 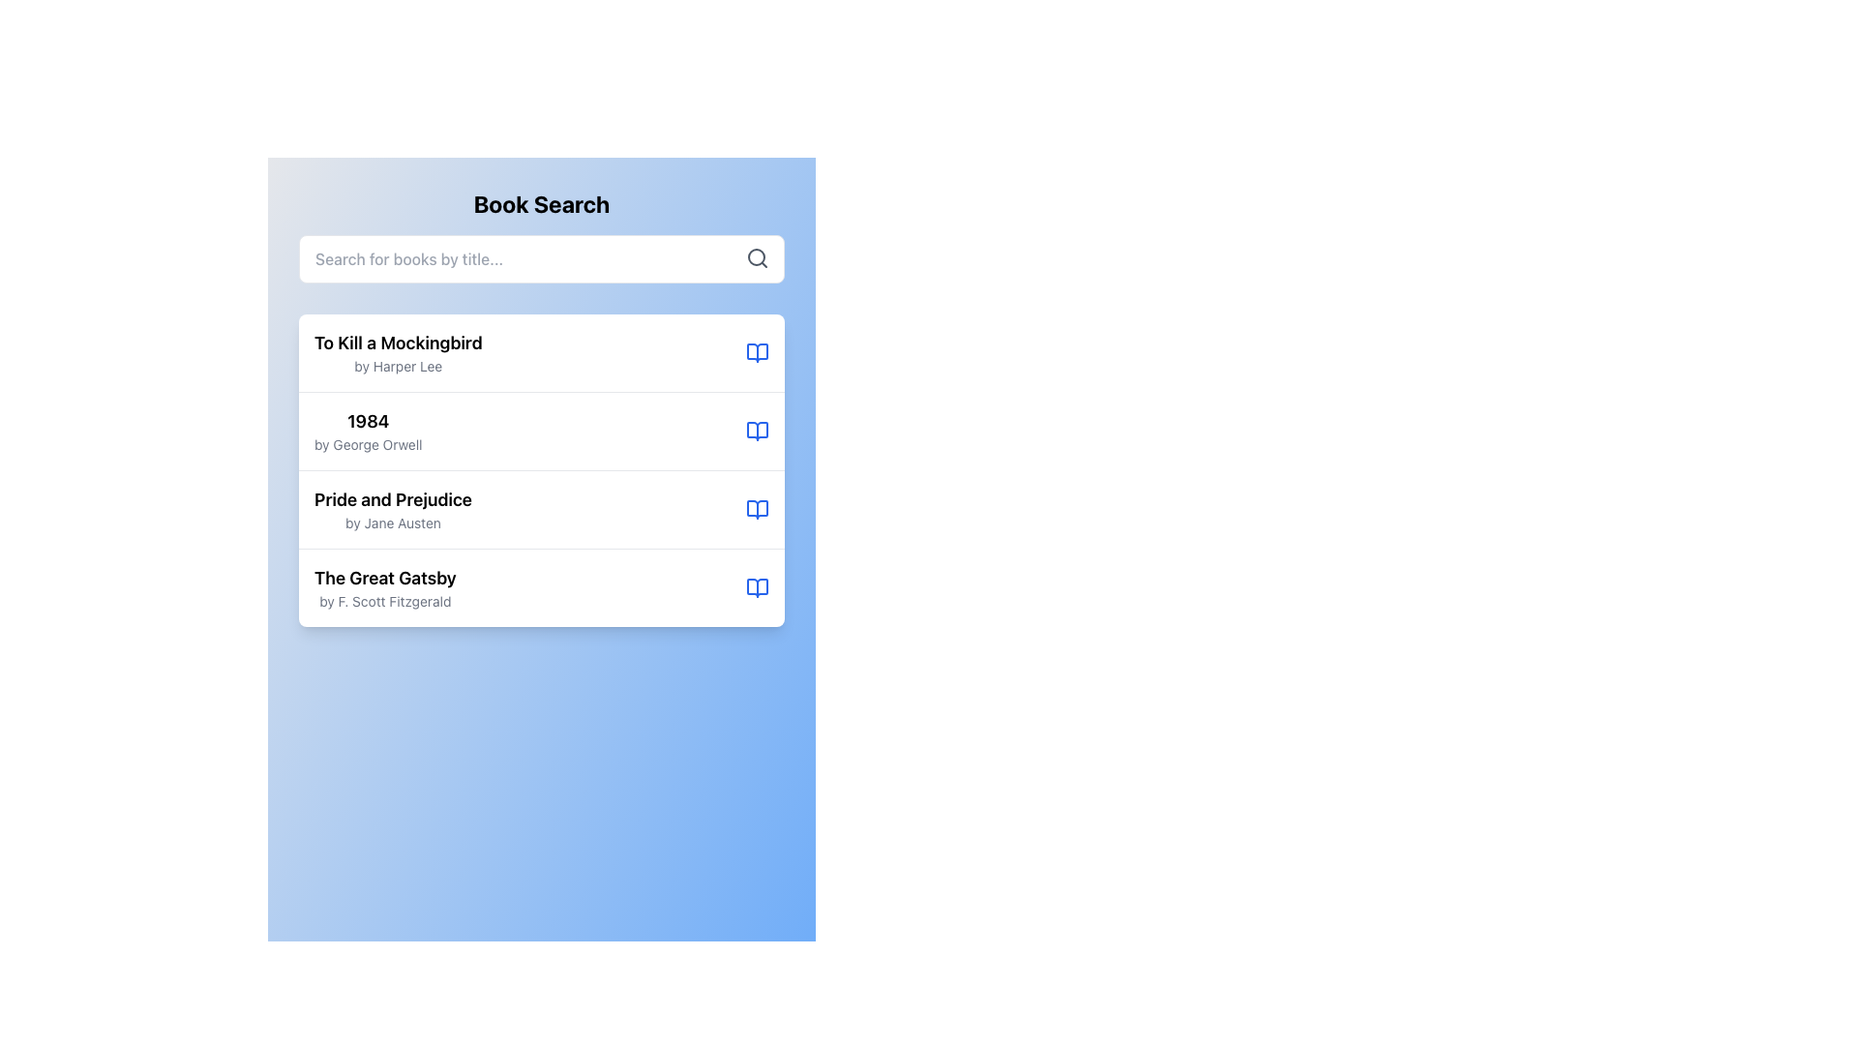 What do you see at coordinates (392, 498) in the screenshot?
I see `the text label displaying 'Pride and Prejudice' to interact with the corresponding list item` at bounding box center [392, 498].